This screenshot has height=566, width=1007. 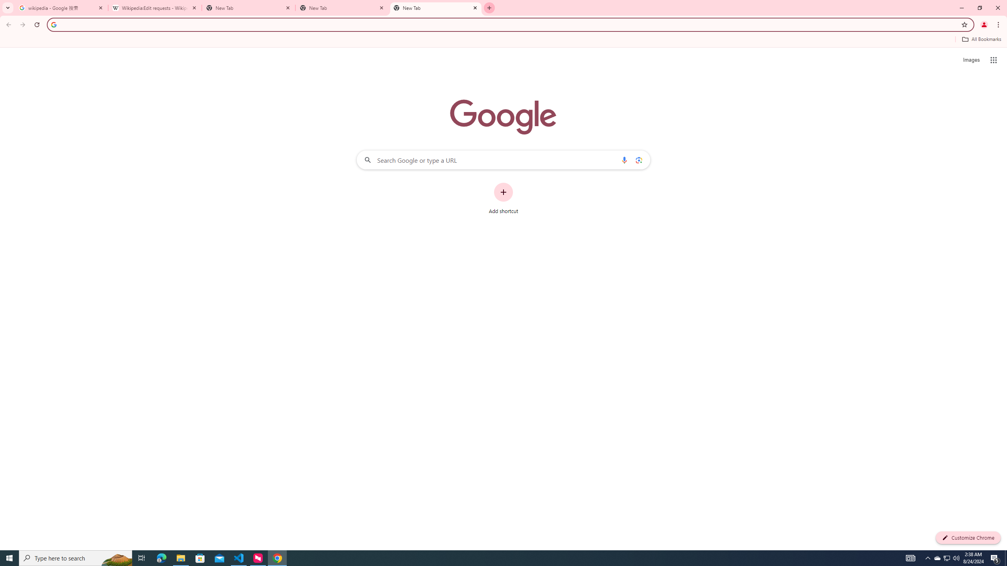 I want to click on 'Wikipedia:Edit requests - Wikipedia', so click(x=155, y=7).